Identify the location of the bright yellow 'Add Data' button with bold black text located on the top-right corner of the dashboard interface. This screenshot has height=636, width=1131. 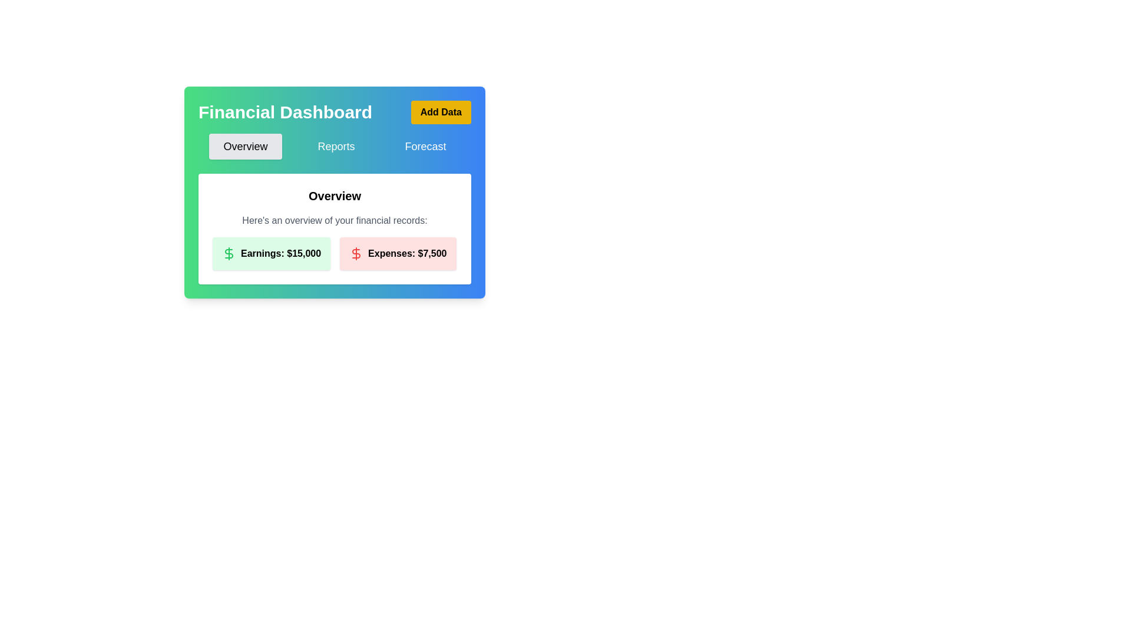
(440, 112).